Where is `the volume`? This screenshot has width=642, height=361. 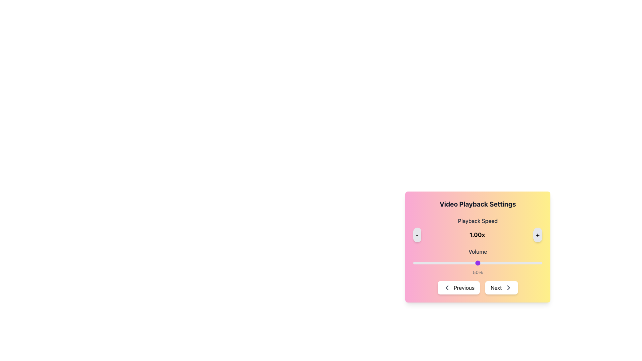 the volume is located at coordinates (504, 262).